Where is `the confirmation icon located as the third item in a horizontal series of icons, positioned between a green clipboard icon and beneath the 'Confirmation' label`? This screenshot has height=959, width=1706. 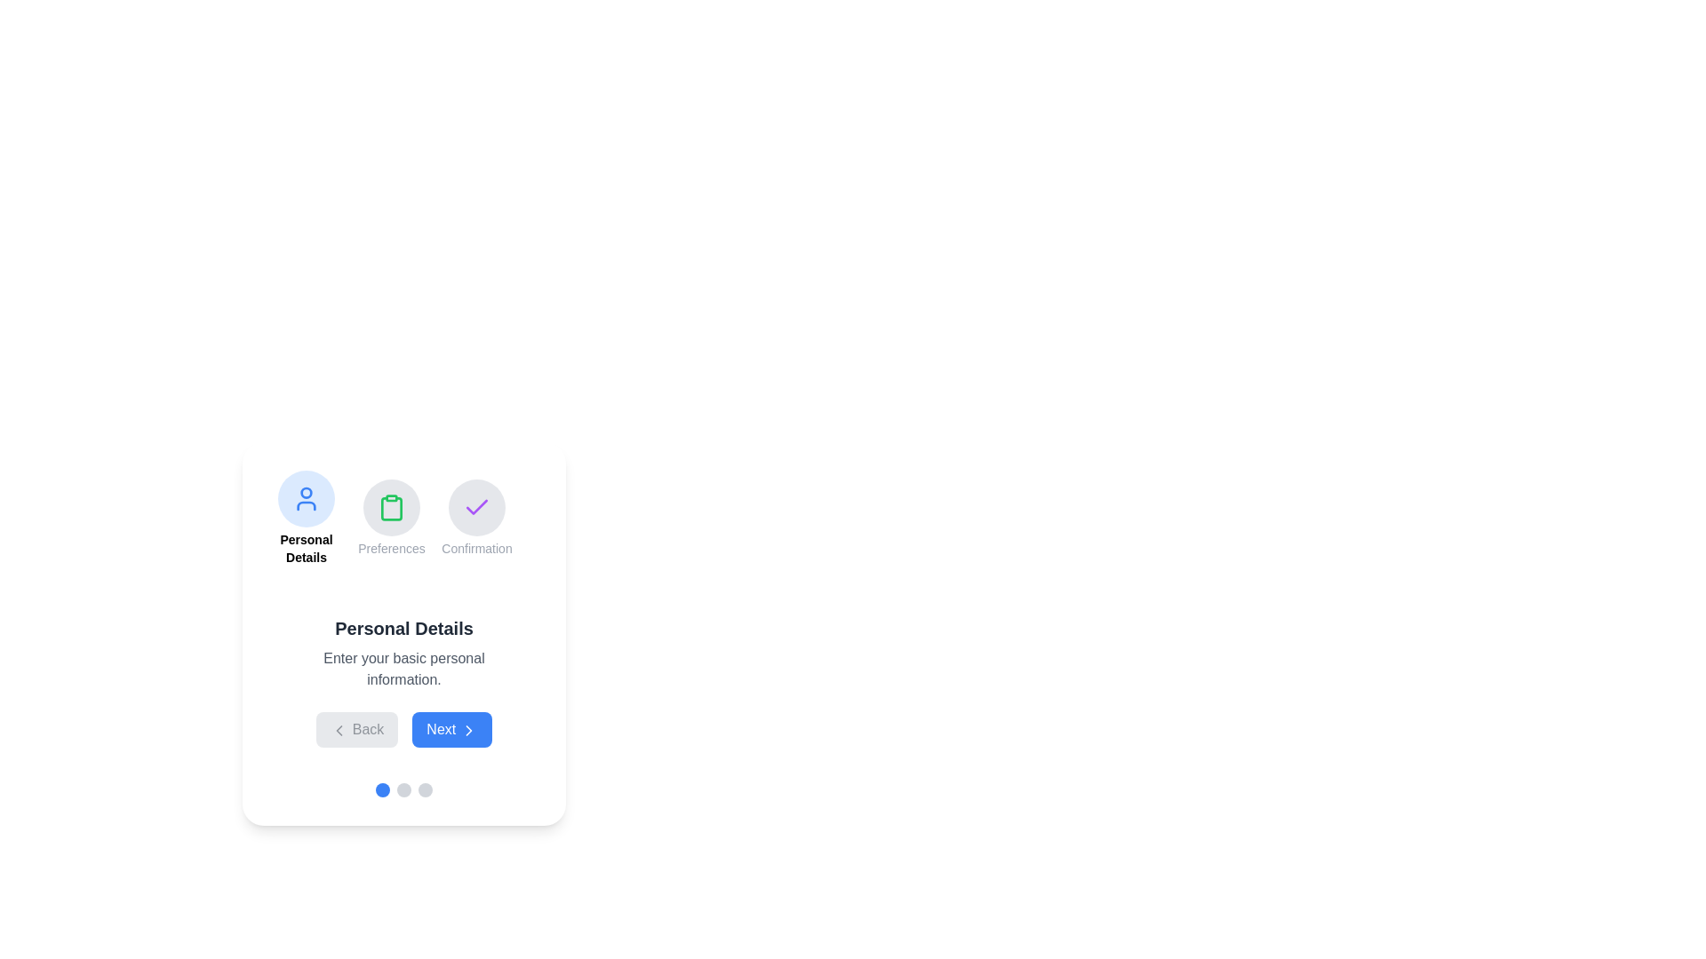
the confirmation icon located as the third item in a horizontal series of icons, positioned between a green clipboard icon and beneath the 'Confirmation' label is located at coordinates (477, 507).